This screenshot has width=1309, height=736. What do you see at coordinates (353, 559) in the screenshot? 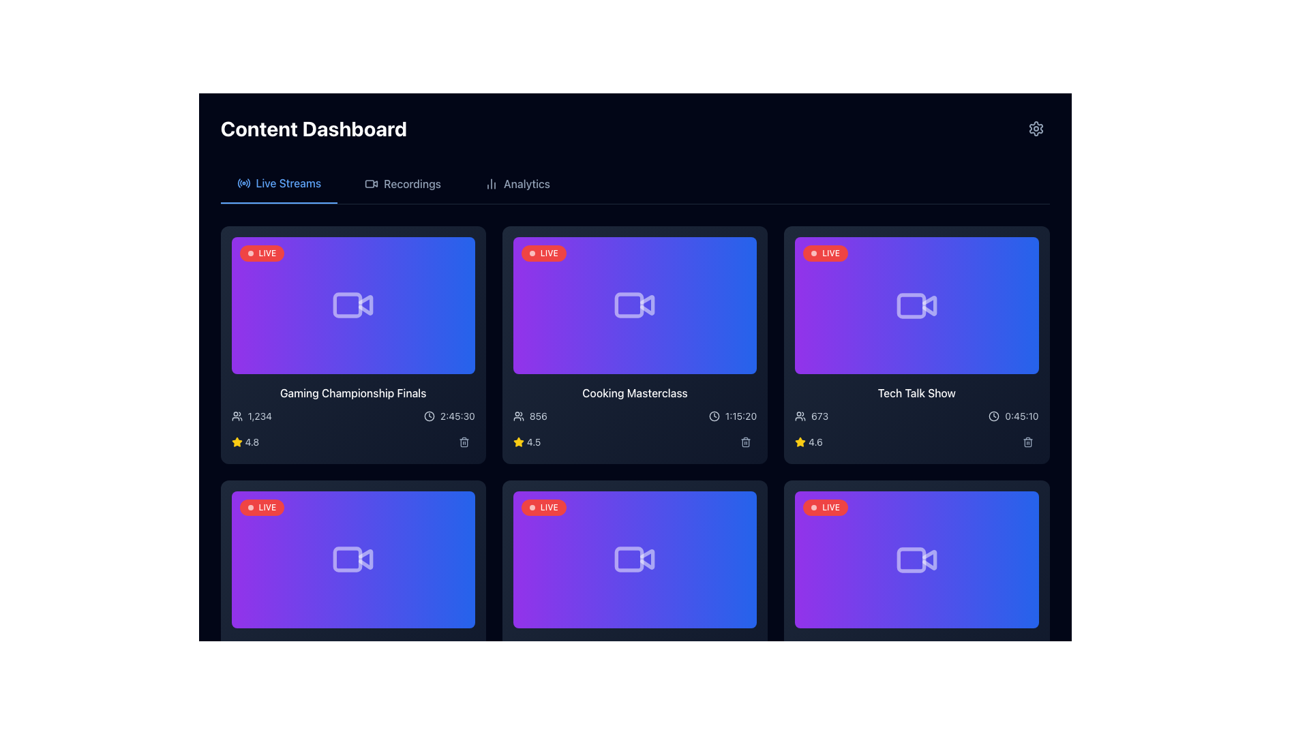
I see `the video camera icon with a white outline, centrally placed against a gradient background, for further interaction` at bounding box center [353, 559].